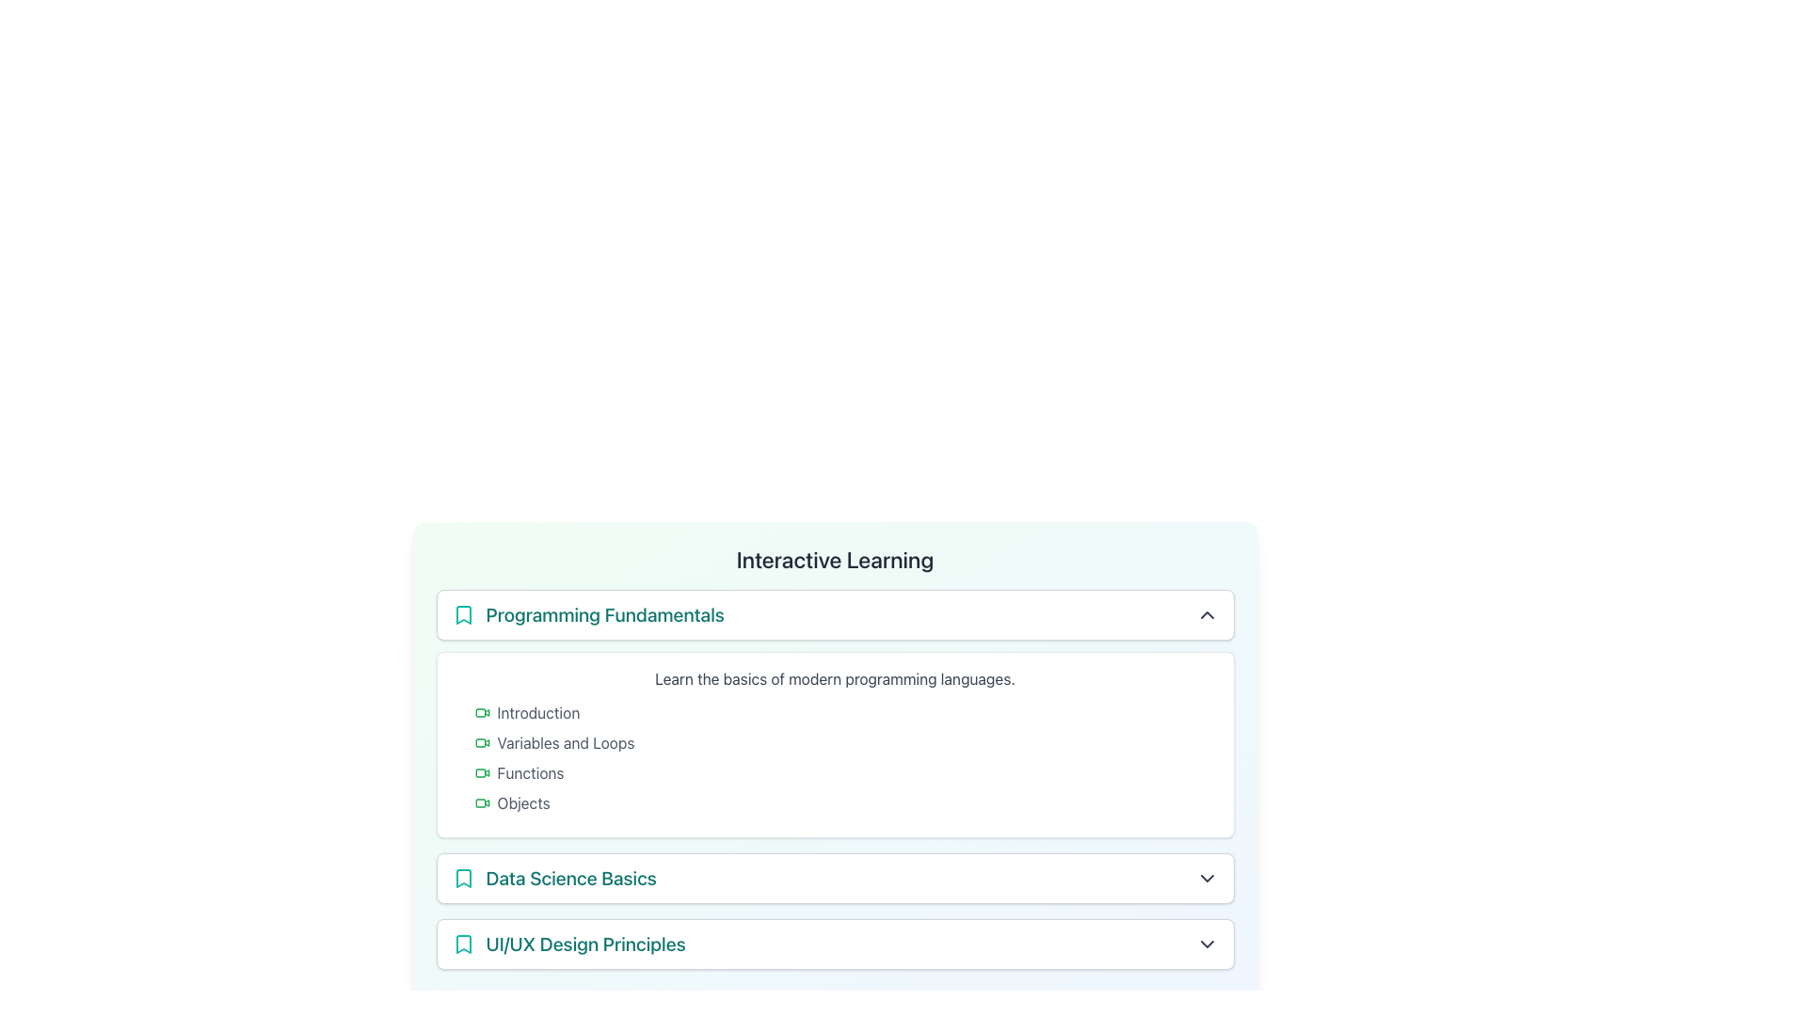 The height and width of the screenshot is (1016, 1807). I want to click on the upward arrow icon, so click(1207, 615).